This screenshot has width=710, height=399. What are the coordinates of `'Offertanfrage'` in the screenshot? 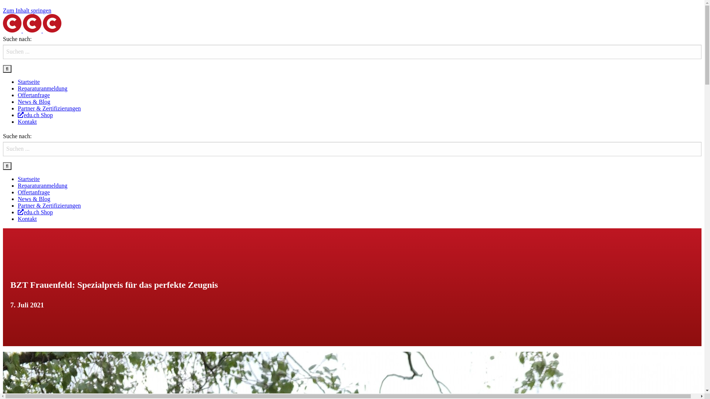 It's located at (33, 192).